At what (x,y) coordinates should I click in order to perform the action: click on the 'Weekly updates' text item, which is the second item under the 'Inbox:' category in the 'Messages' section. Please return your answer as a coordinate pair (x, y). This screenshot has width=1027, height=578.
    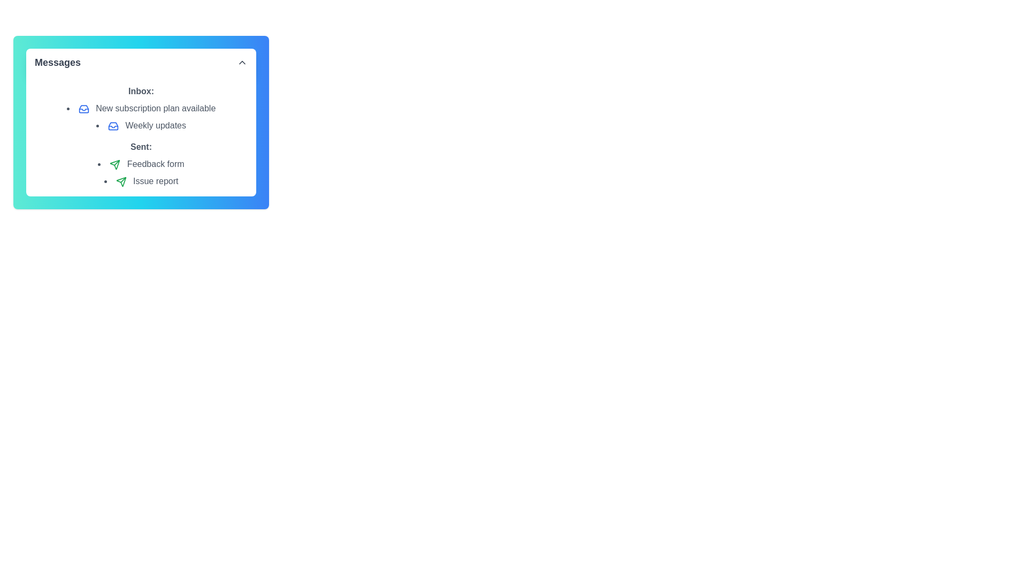
    Looking at the image, I should click on (141, 125).